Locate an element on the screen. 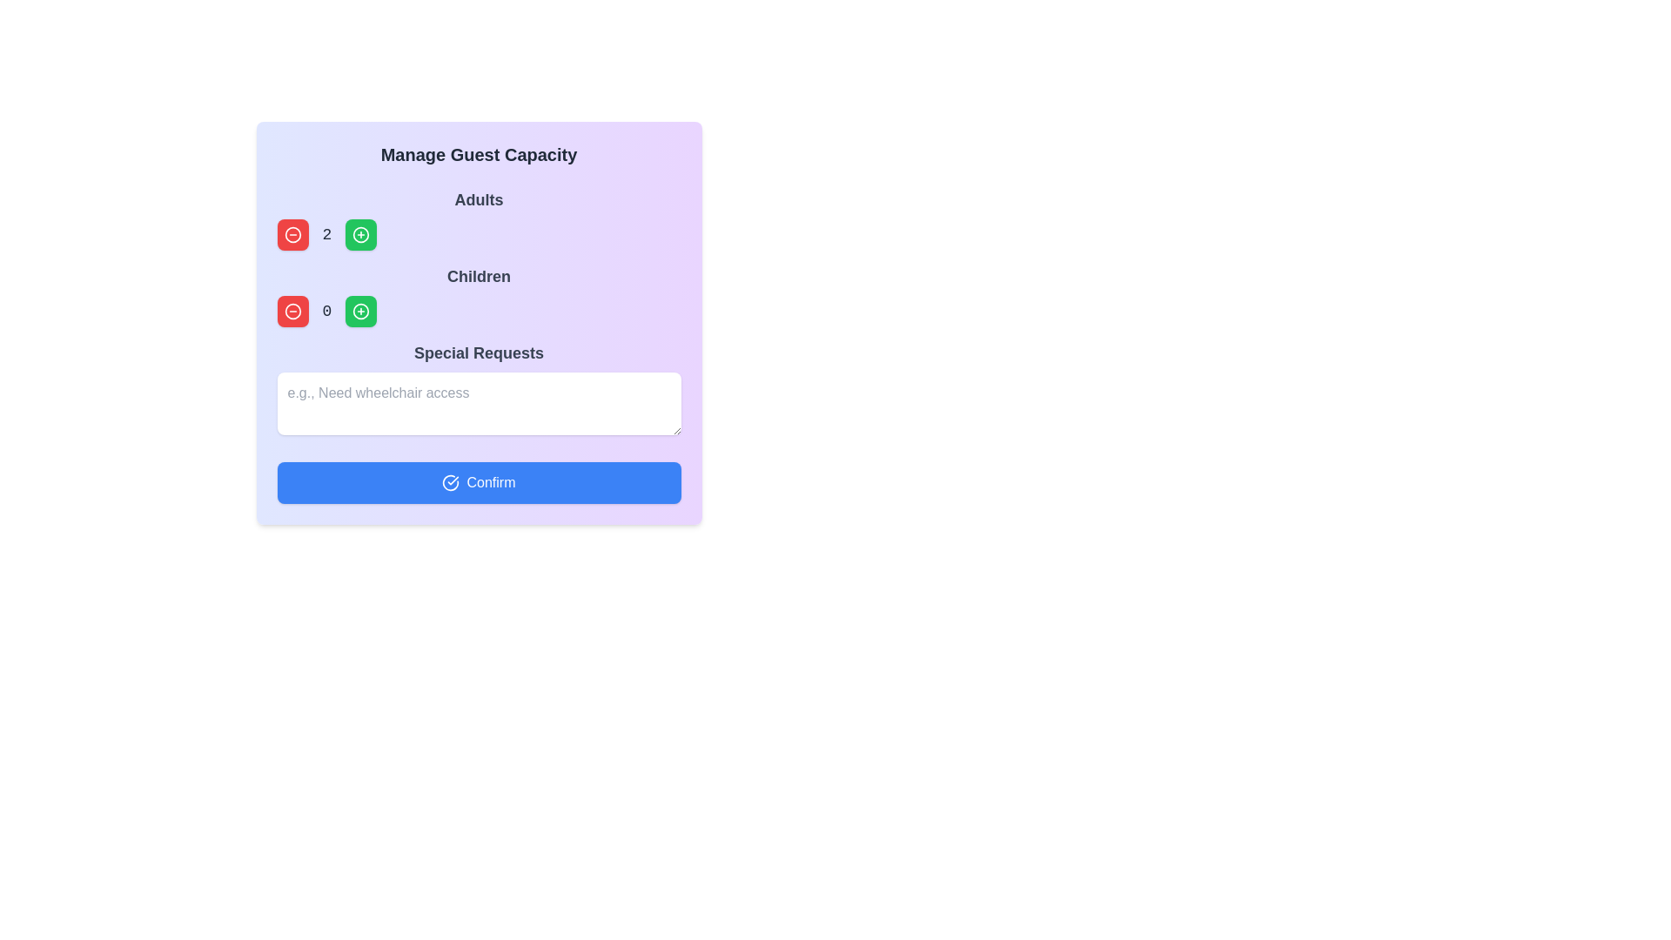 The height and width of the screenshot is (940, 1671). the button that decreases the count of children, located in the second row under the 'Children' label, to the left of the green button, next to the numeric display showing '0' is located at coordinates (292, 311).